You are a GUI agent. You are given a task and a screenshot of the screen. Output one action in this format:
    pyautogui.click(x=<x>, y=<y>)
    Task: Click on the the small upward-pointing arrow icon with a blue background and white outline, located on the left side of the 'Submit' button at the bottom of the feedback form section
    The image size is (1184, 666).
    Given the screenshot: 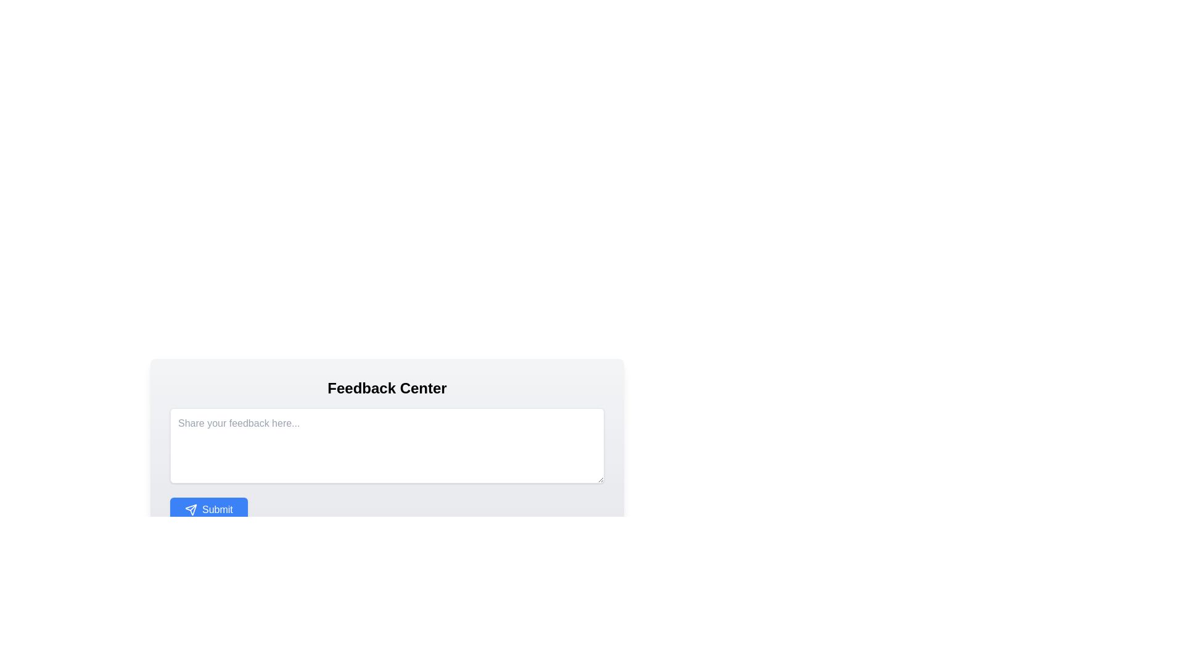 What is the action you would take?
    pyautogui.click(x=191, y=509)
    